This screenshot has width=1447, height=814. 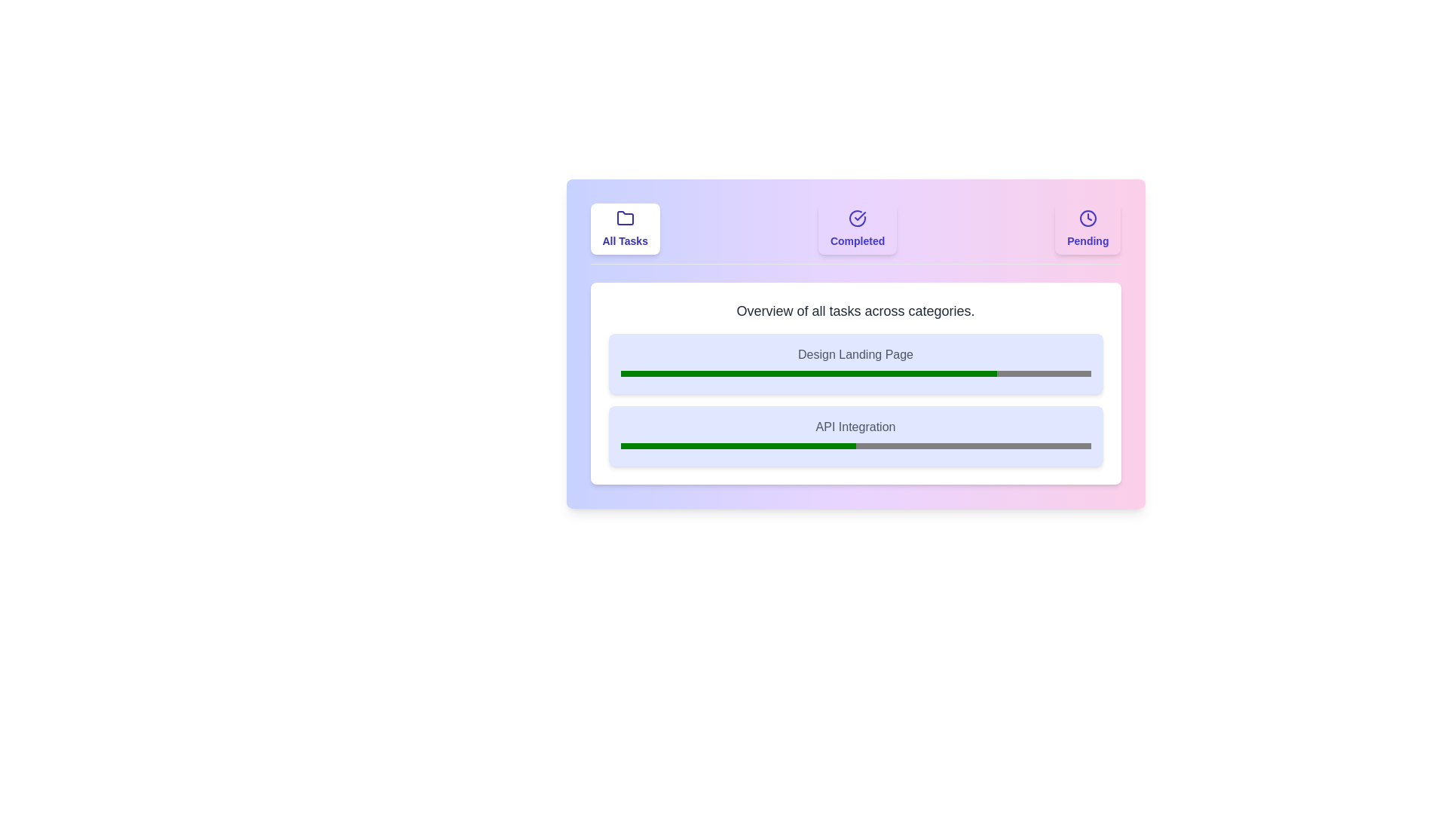 I want to click on text label indicating the status 'Completed' located at the center-bottom region of the associated button positioned at the top-middle area of the layout, so click(x=858, y=240).